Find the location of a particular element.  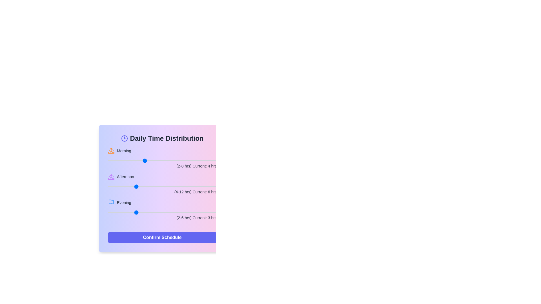

the morning hours slider is located at coordinates (162, 160).